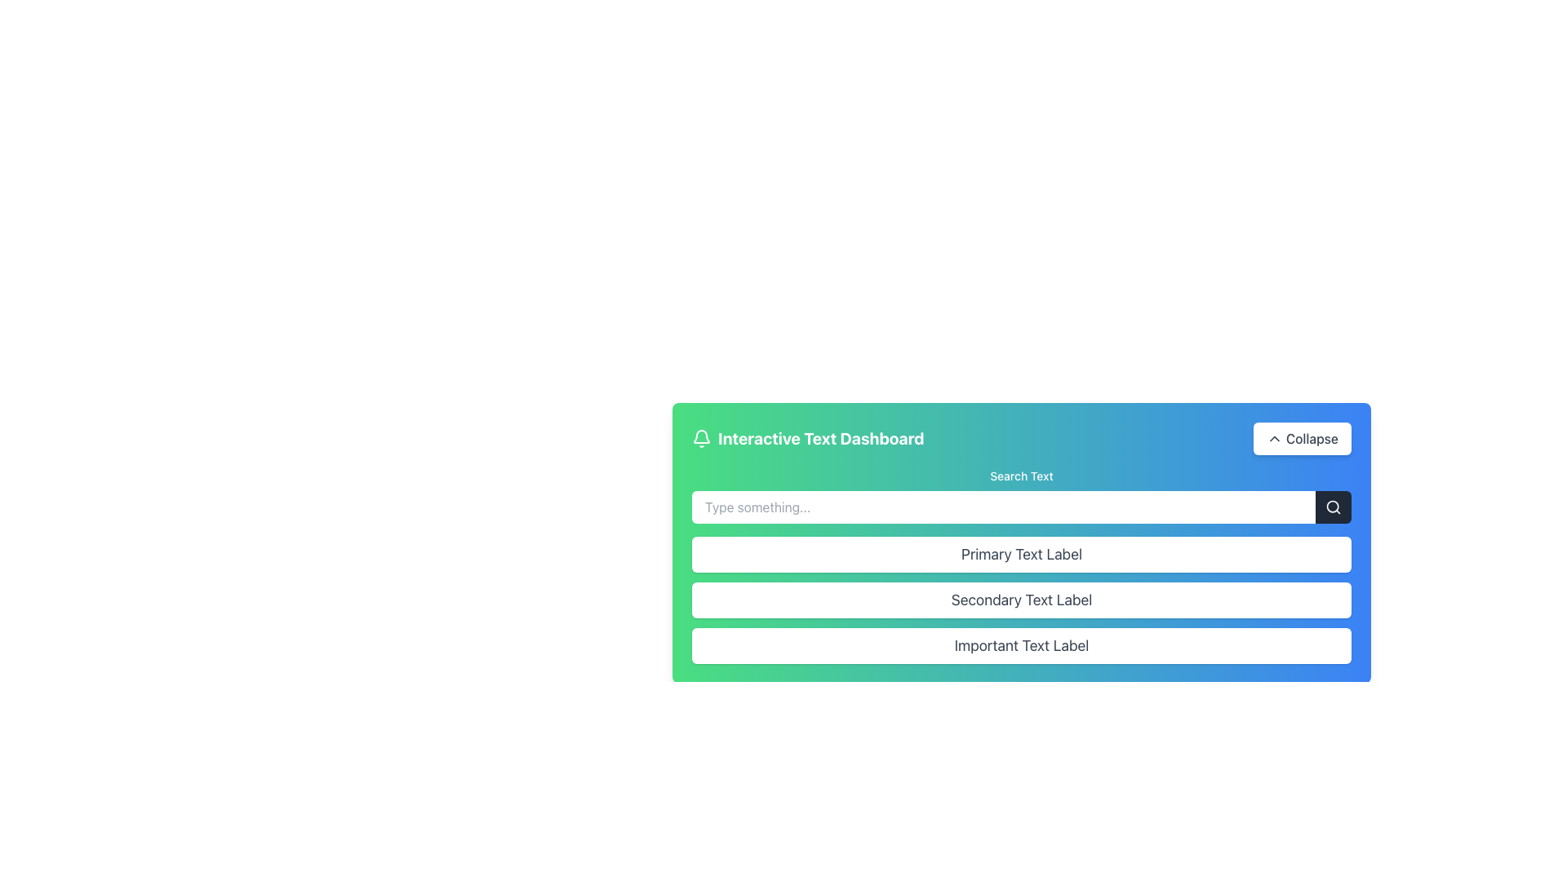 This screenshot has width=1567, height=881. Describe the element at coordinates (1333, 506) in the screenshot. I see `the search button located on the far right side of the 'Search Text' input field` at that location.